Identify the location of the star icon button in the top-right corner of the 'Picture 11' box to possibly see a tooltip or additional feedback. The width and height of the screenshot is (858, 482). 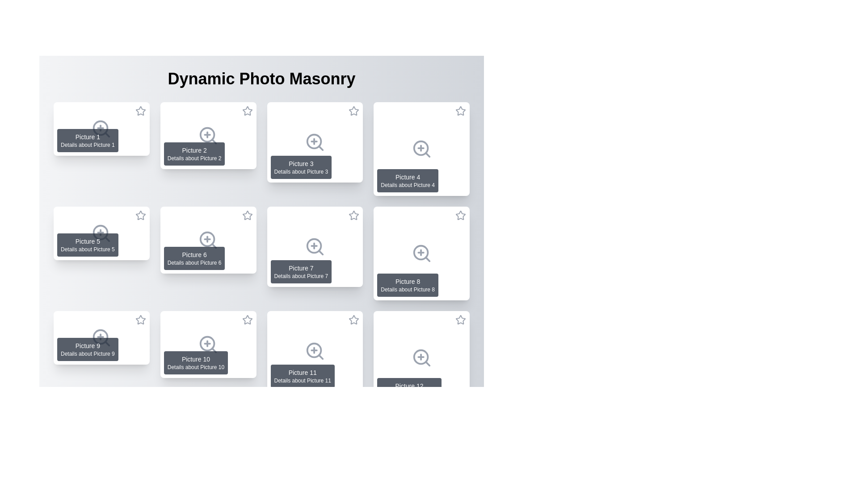
(353, 319).